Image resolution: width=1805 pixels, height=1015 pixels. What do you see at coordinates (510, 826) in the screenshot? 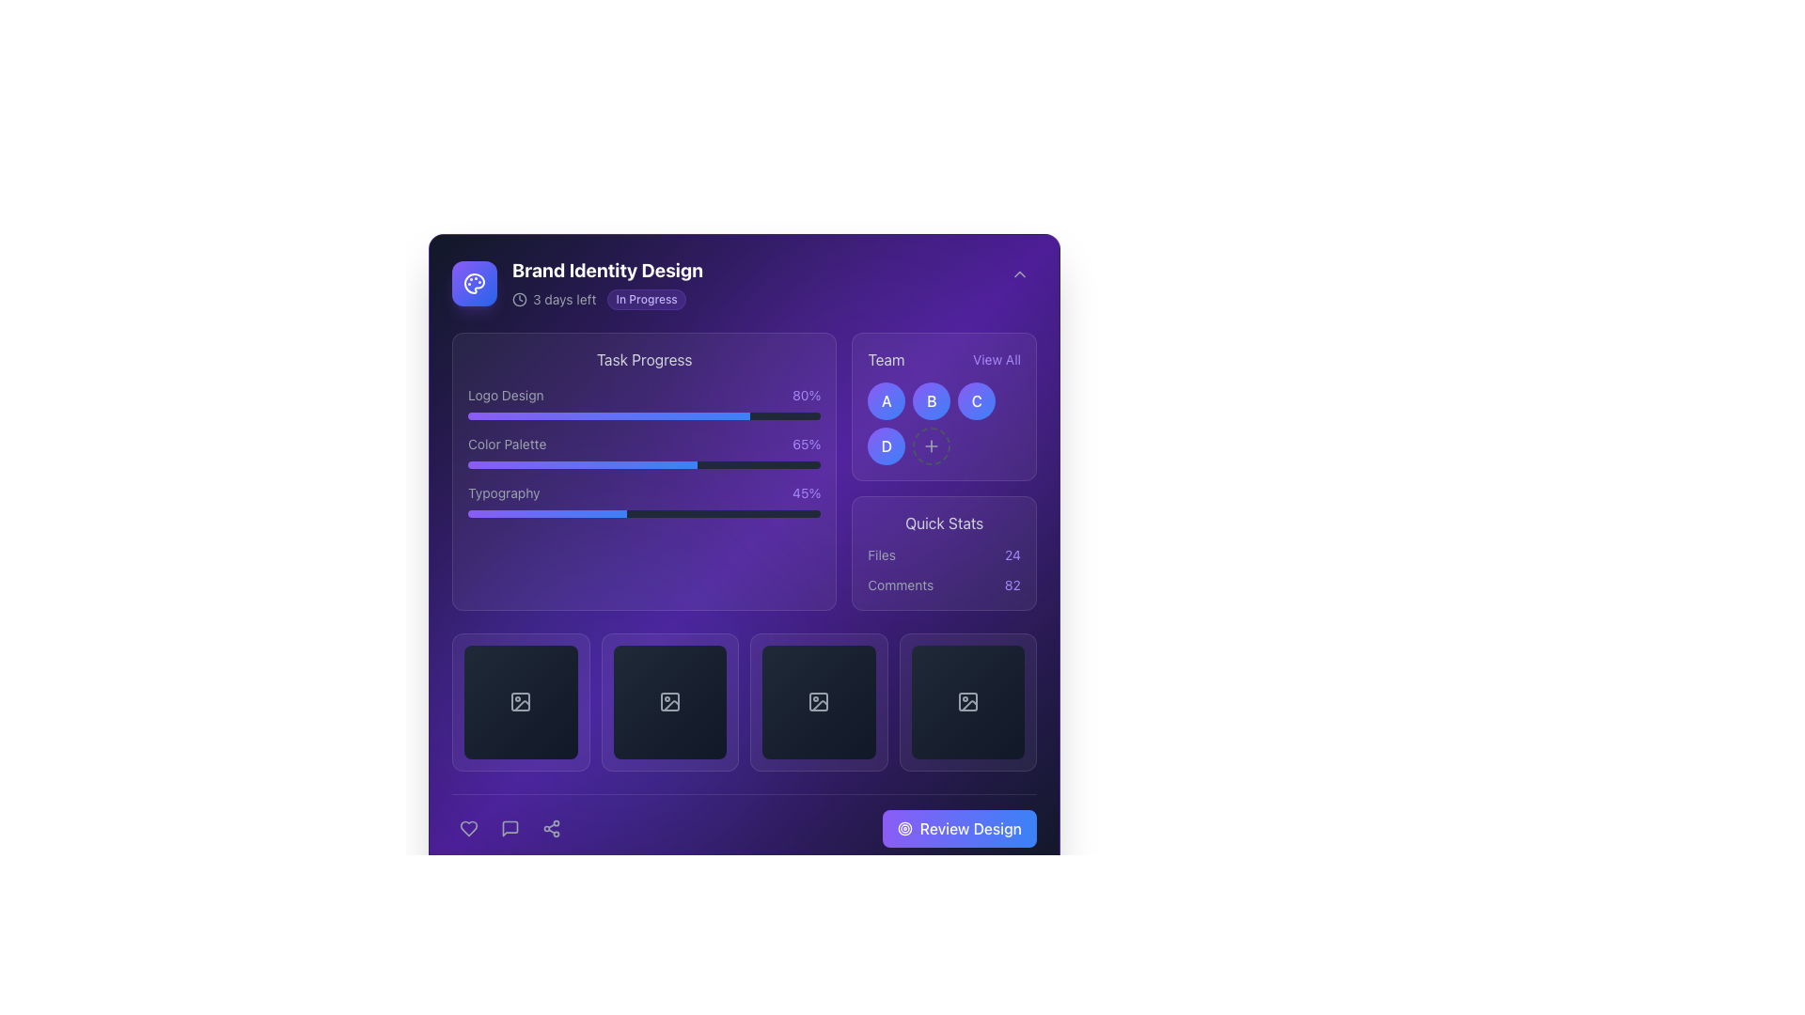
I see `the comment button located at the bottom center of the interface, positioned between a heart icon and a share icon` at bounding box center [510, 826].